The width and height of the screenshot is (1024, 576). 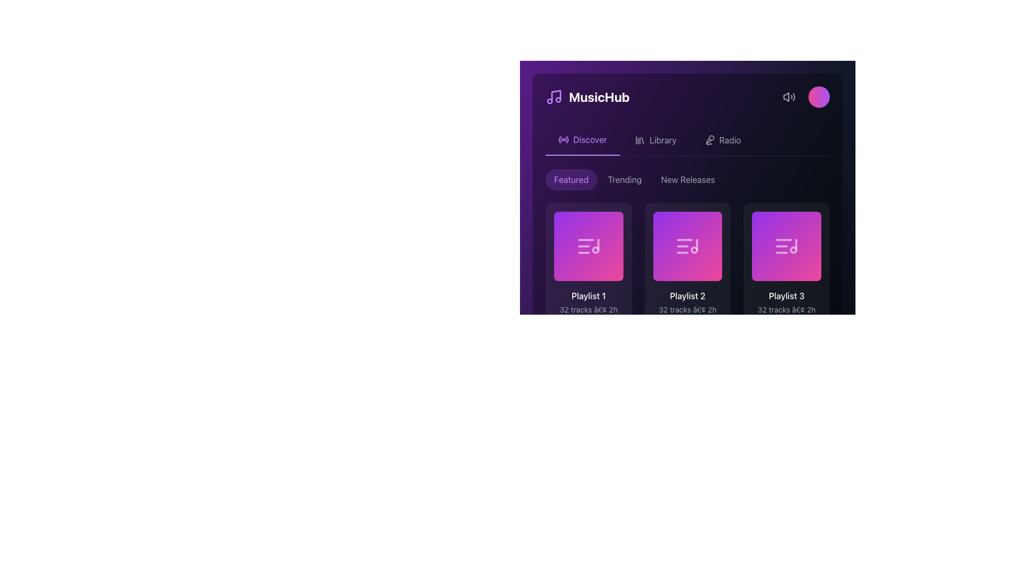 I want to click on the musical note icon in the Playlist 3 card, so click(x=787, y=246).